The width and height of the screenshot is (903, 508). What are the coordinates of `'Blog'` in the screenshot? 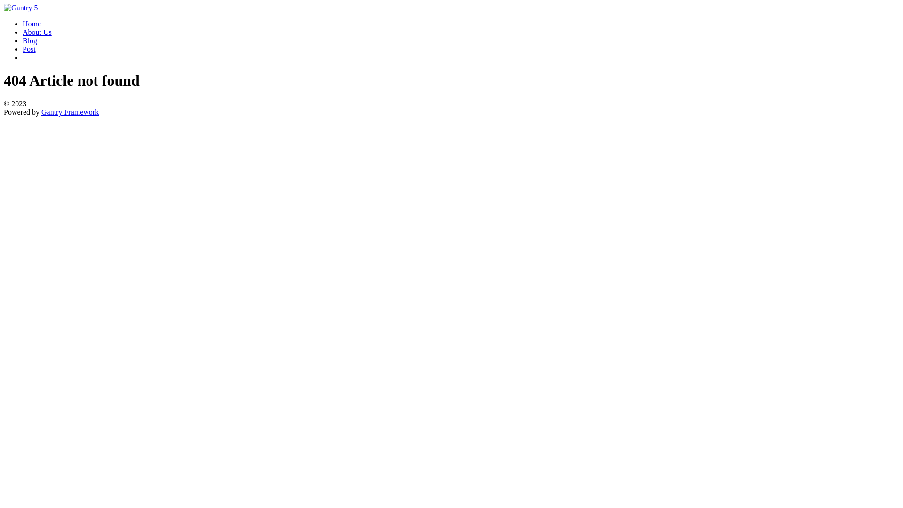 It's located at (30, 40).